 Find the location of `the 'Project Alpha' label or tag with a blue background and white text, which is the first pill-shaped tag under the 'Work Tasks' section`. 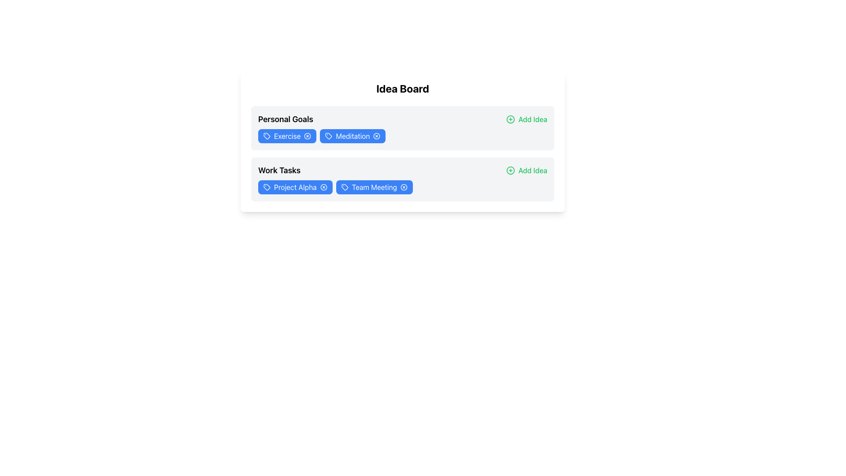

the 'Project Alpha' label or tag with a blue background and white text, which is the first pill-shaped tag under the 'Work Tasks' section is located at coordinates (295, 186).